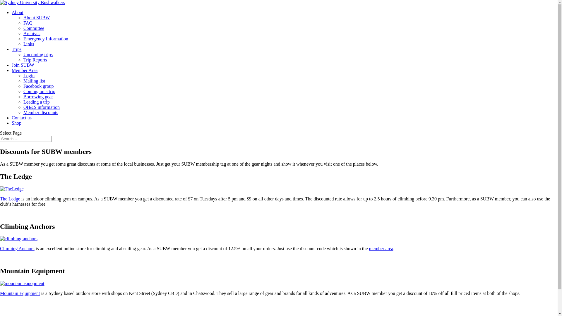 This screenshot has width=562, height=316. What do you see at coordinates (34, 81) in the screenshot?
I see `'Mailing list'` at bounding box center [34, 81].